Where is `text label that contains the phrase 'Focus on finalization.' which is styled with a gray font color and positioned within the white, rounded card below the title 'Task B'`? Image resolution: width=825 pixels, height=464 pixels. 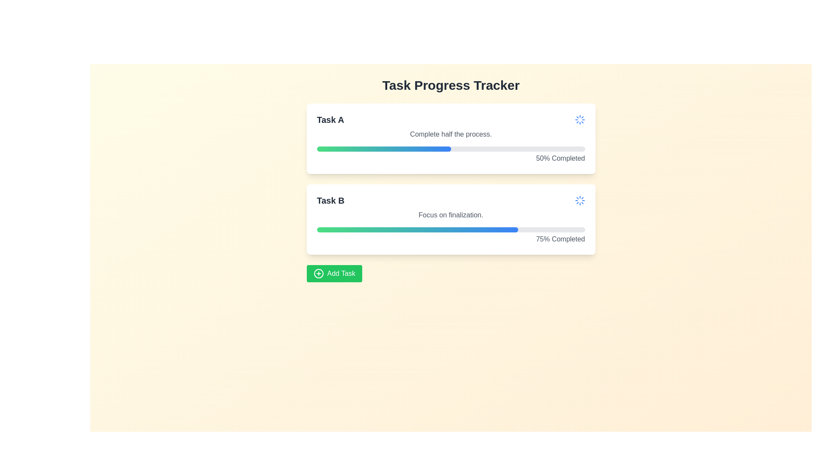
text label that contains the phrase 'Focus on finalization.' which is styled with a gray font color and positioned within the white, rounded card below the title 'Task B' is located at coordinates (450, 215).